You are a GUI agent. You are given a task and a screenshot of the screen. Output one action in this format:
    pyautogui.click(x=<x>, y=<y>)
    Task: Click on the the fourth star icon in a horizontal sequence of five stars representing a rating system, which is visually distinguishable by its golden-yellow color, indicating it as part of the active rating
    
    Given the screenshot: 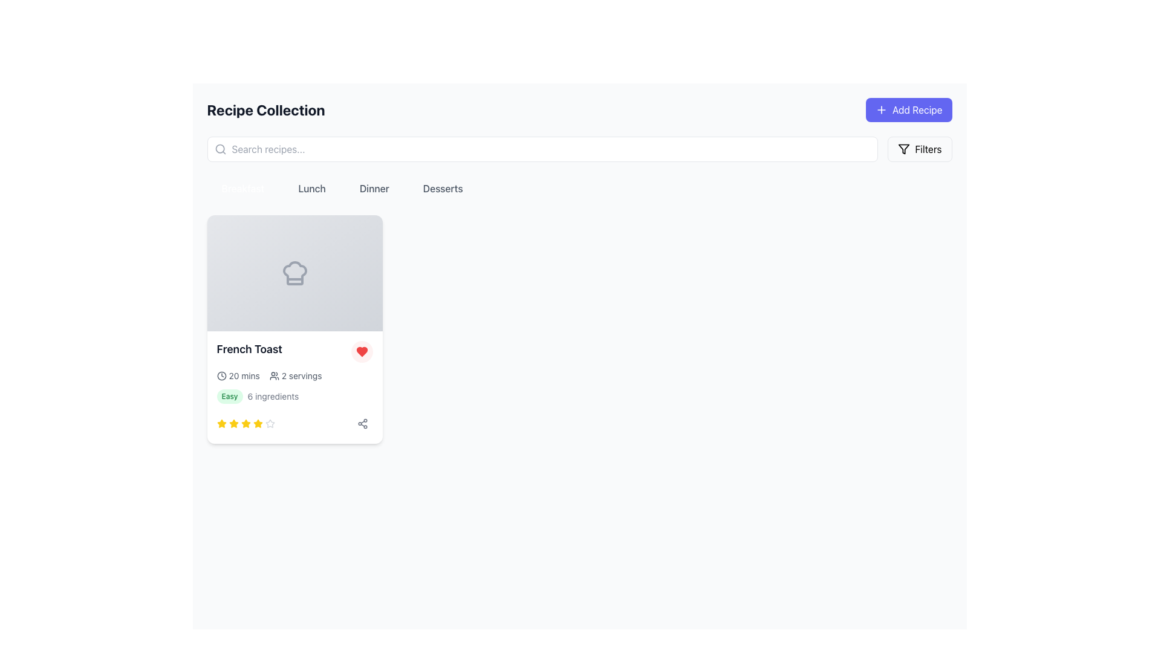 What is the action you would take?
    pyautogui.click(x=245, y=423)
    